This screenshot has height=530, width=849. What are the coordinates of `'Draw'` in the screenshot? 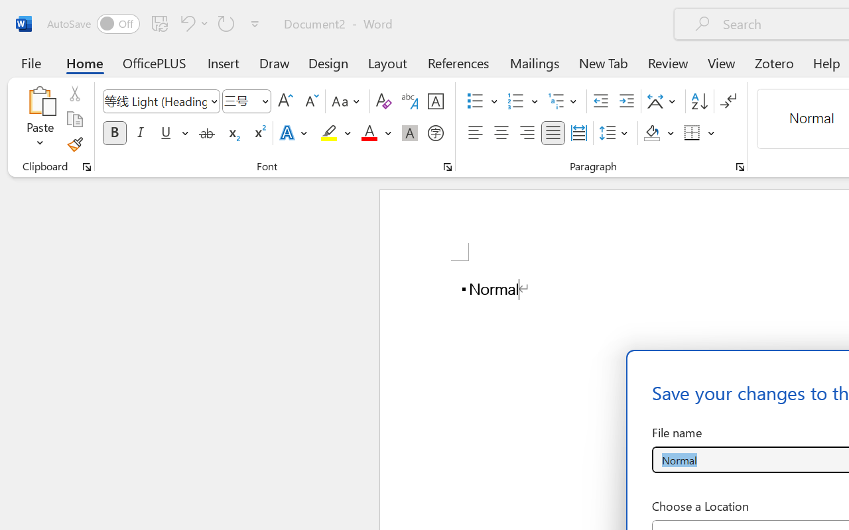 It's located at (274, 62).